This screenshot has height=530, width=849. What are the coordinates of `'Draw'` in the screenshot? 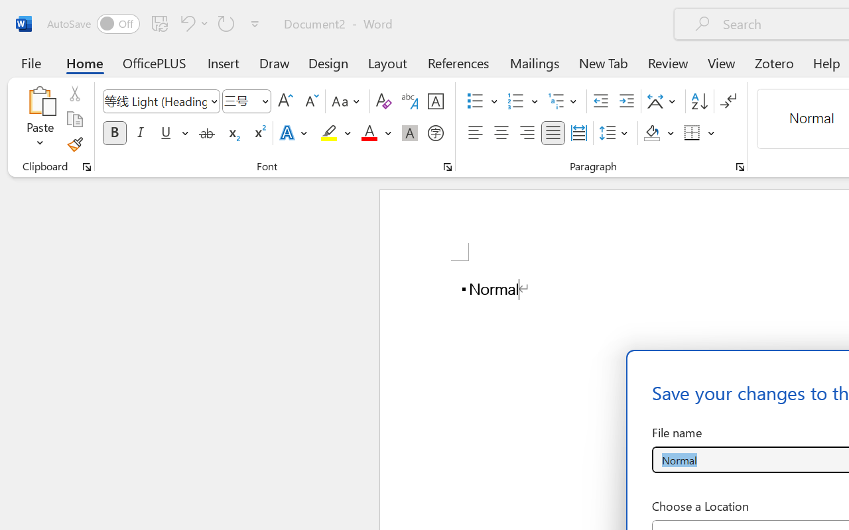 It's located at (274, 62).